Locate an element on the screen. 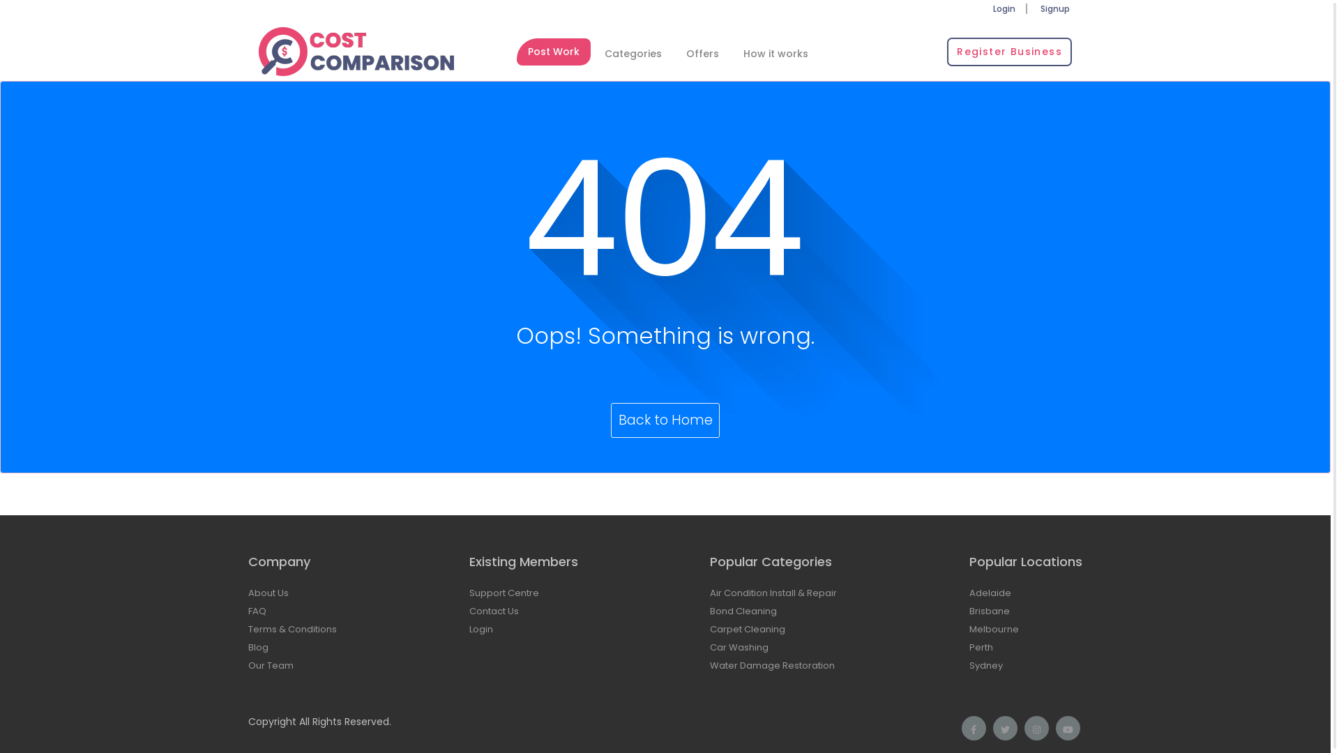 Image resolution: width=1339 pixels, height=753 pixels. 'Water Damage Restoration' is located at coordinates (771, 664).